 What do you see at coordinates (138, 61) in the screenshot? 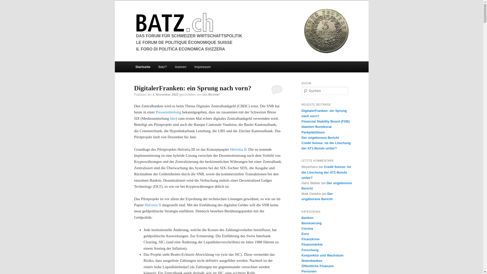
I see `'Zum Inhalt wechseln'` at bounding box center [138, 61].